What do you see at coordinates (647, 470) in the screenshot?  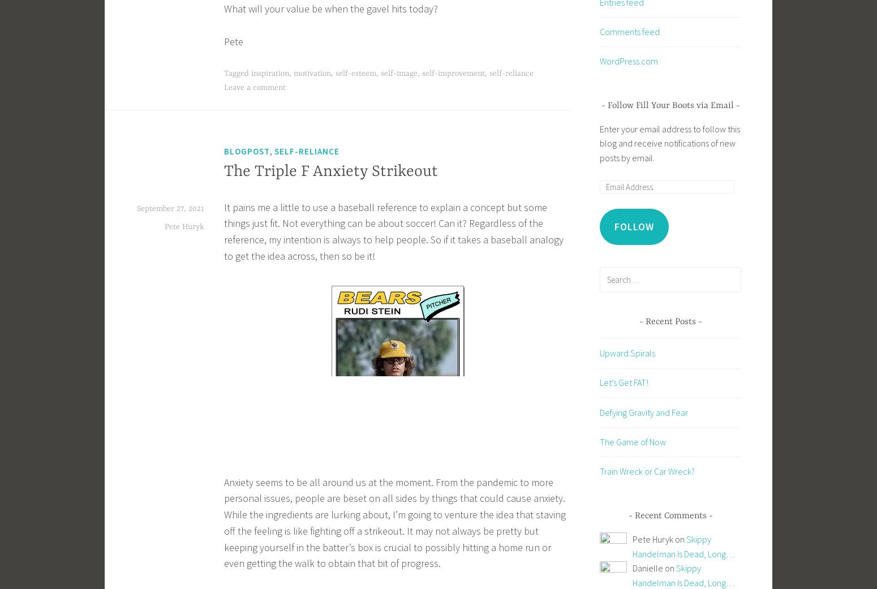 I see `'Train Wreck or Car Wreck?'` at bounding box center [647, 470].